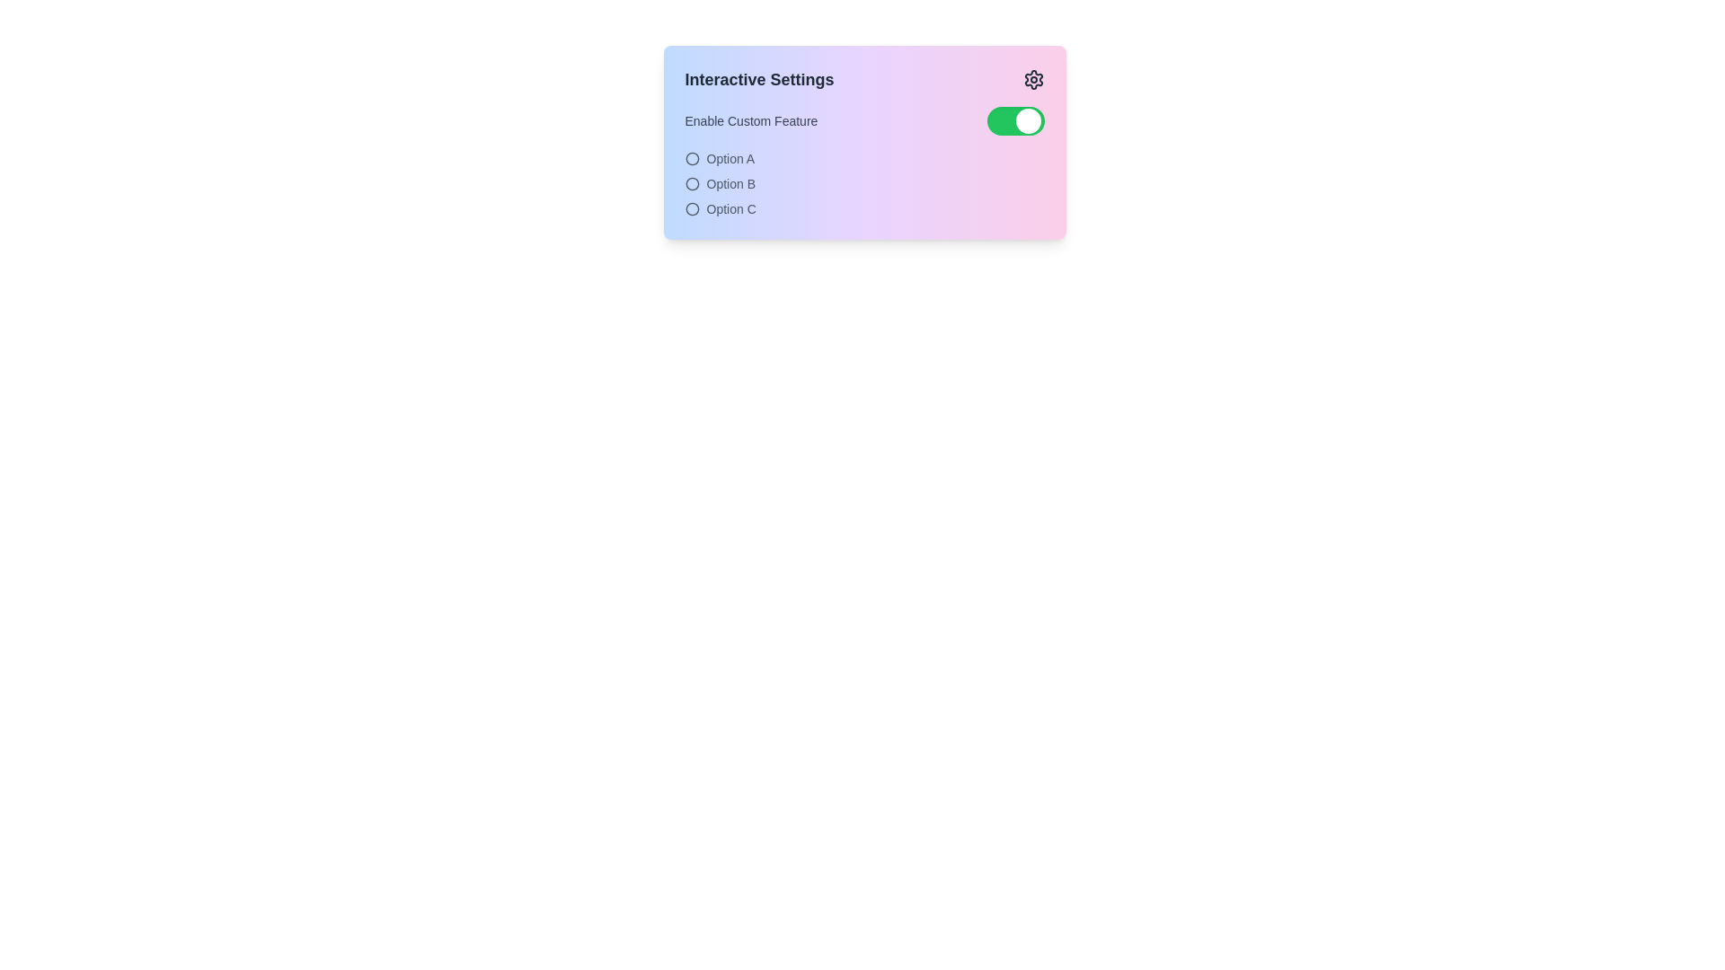 The width and height of the screenshot is (1725, 970). What do you see at coordinates (1033, 78) in the screenshot?
I see `the settings icon located in the top-right corner of the settings card, which provides access to additional preferences or configurations` at bounding box center [1033, 78].